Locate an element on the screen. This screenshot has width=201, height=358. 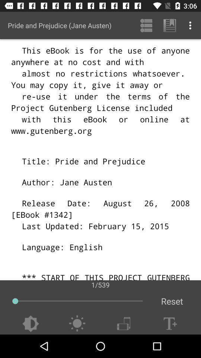
app above the 1/539 app is located at coordinates (169, 25).